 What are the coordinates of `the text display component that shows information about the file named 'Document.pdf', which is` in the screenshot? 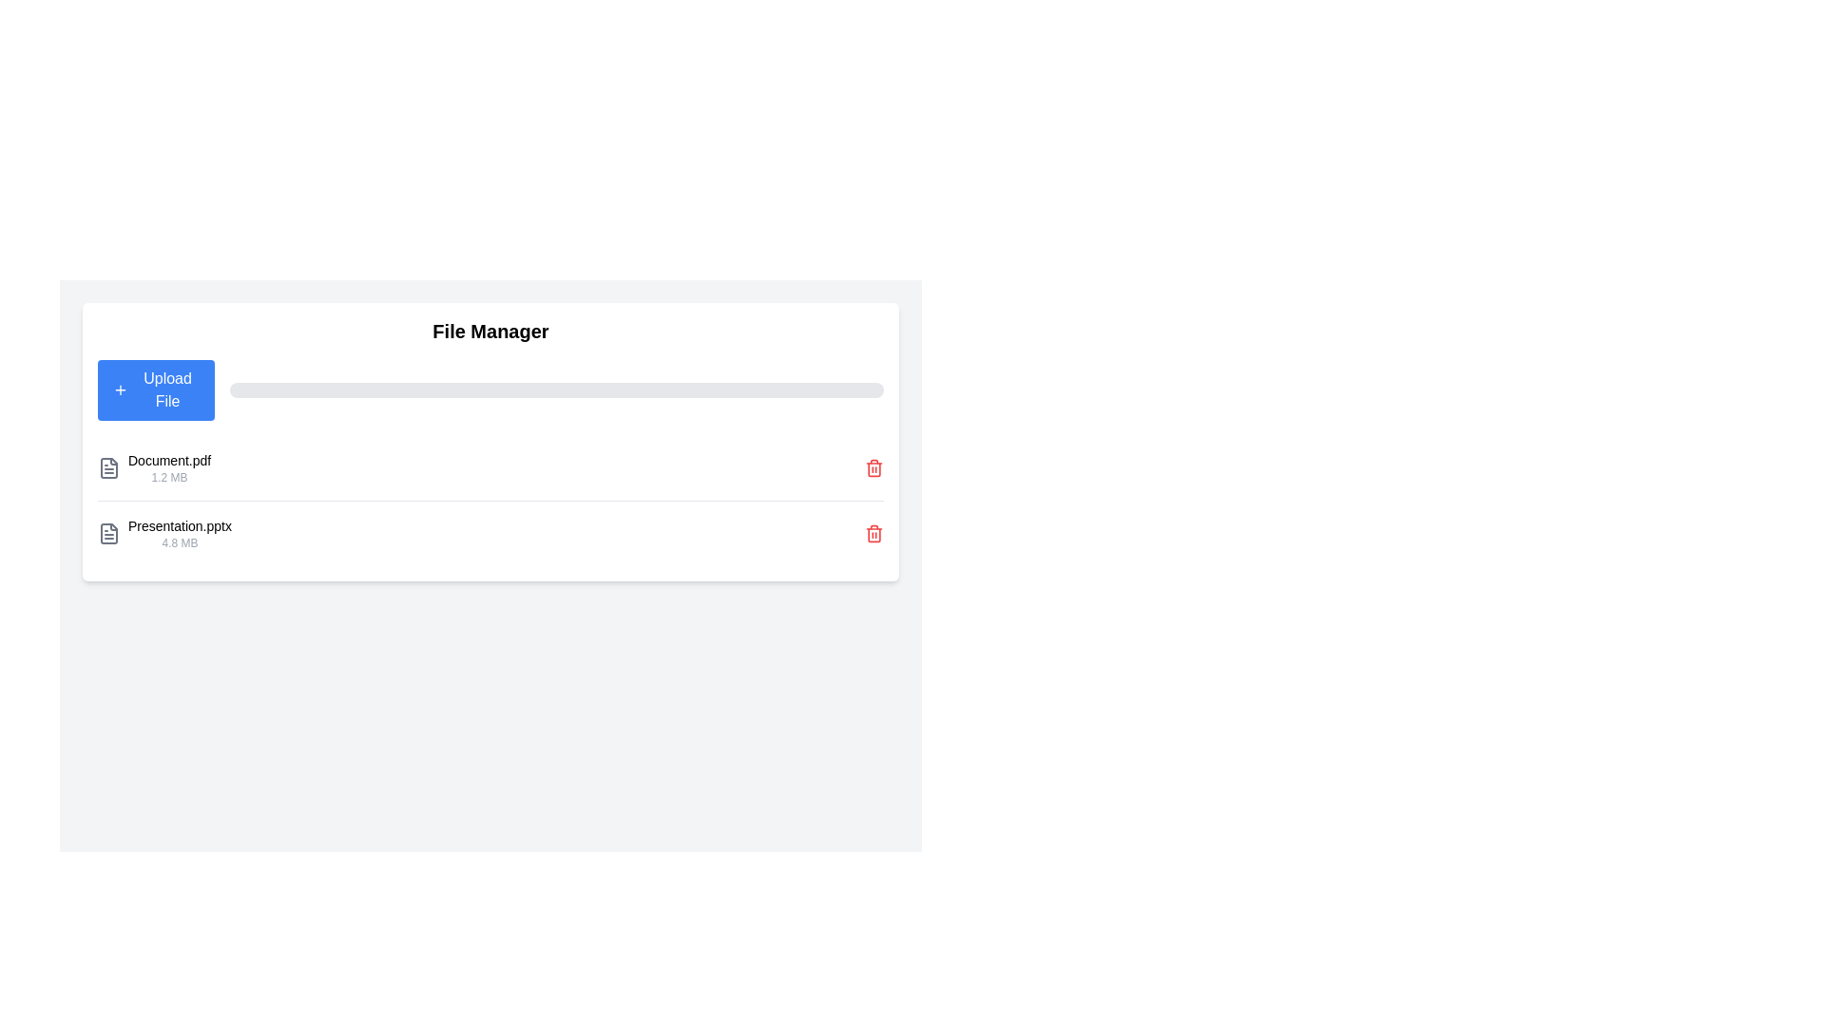 It's located at (169, 468).